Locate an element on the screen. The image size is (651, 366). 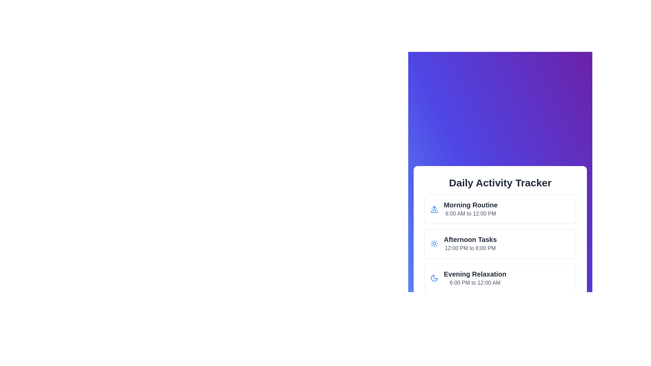
the 'Evening Relaxation' text block within the Daily Activity Tracker to read the displayed time range from 6:00 PM to 12:00 AM is located at coordinates (475, 278).